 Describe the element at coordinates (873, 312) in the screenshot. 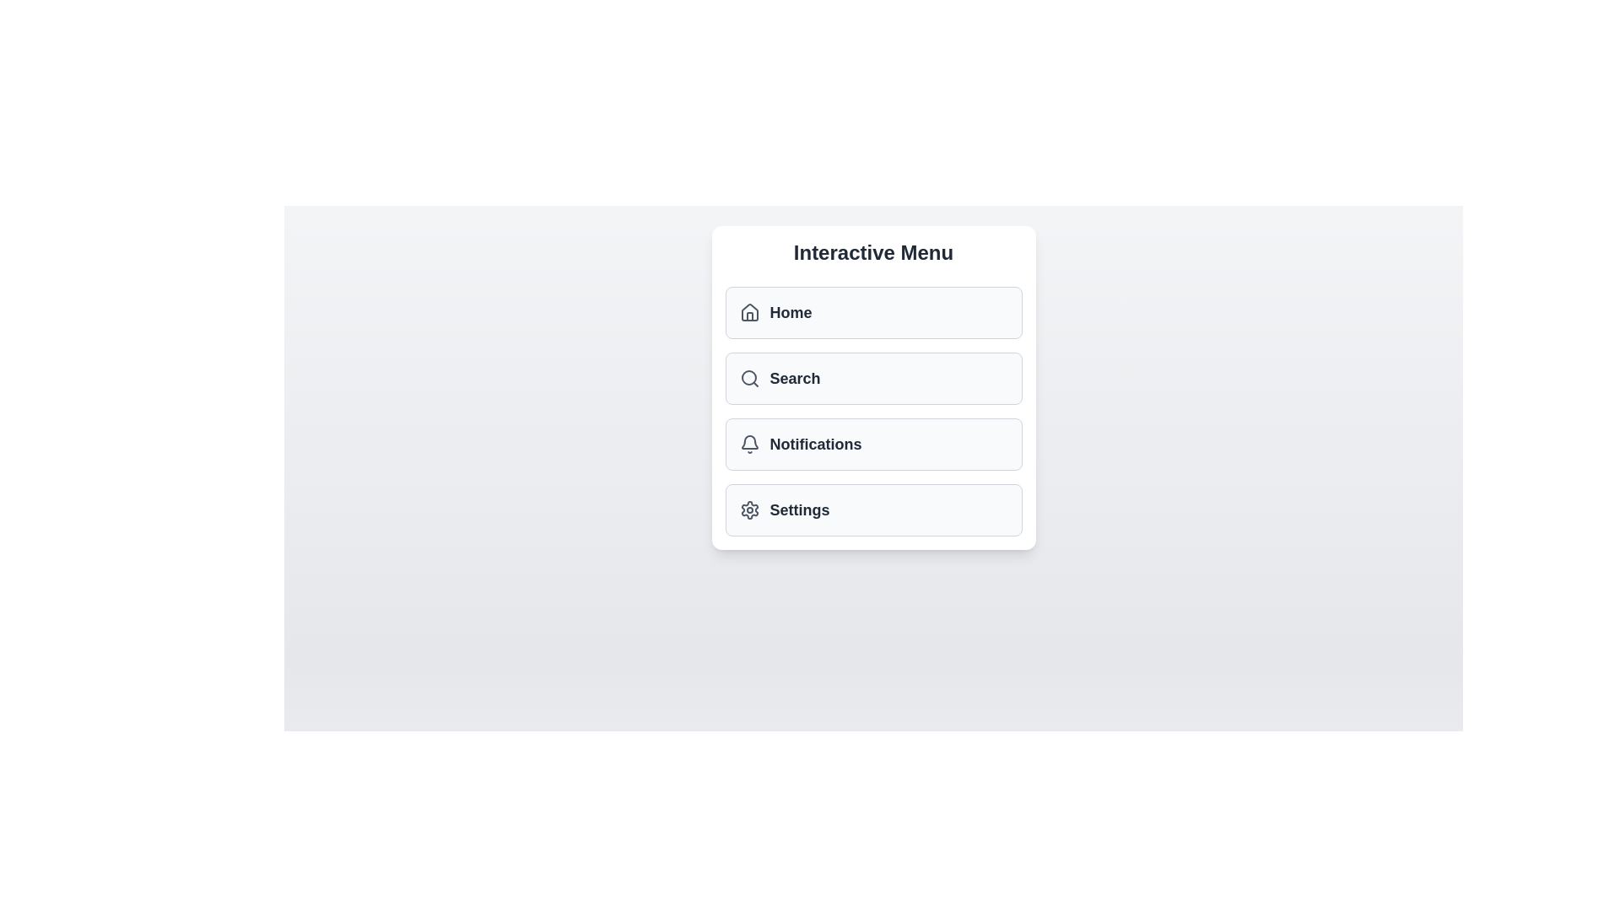

I see `the 'Home' menu item to activate it` at that location.